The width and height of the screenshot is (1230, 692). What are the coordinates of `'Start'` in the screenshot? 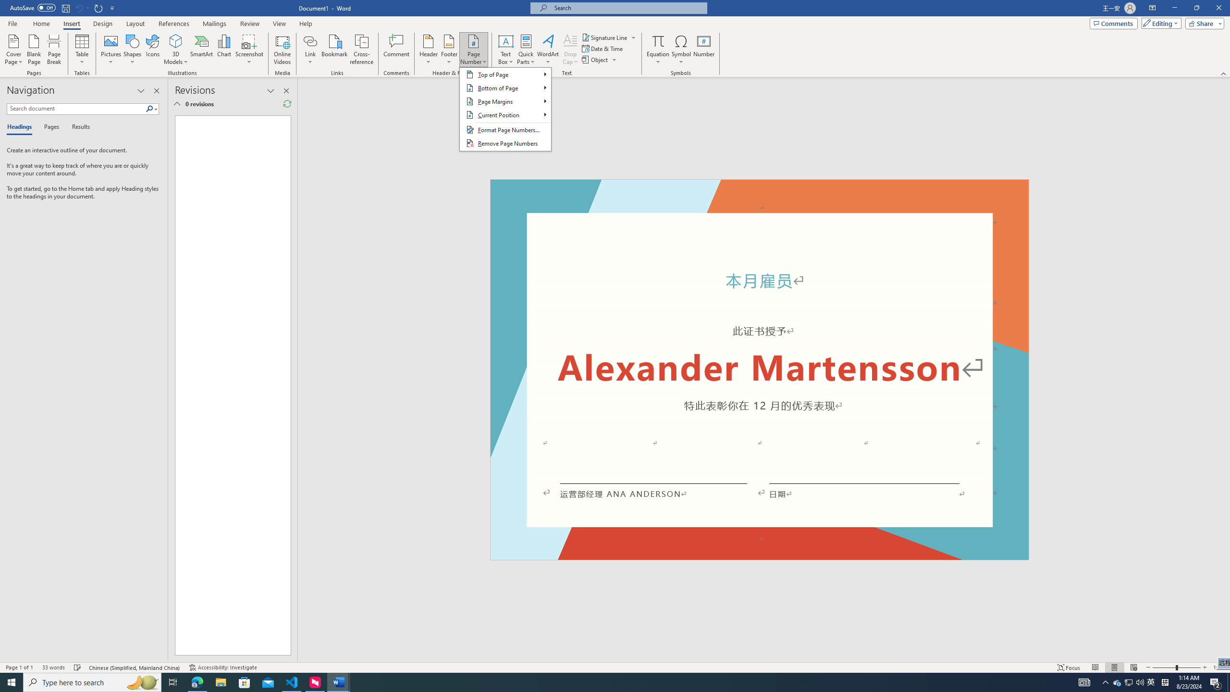 It's located at (12, 681).